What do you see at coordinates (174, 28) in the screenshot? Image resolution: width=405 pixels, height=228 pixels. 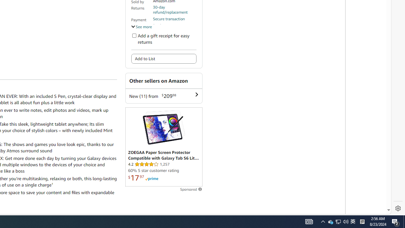 I see `'Product support included'` at bounding box center [174, 28].